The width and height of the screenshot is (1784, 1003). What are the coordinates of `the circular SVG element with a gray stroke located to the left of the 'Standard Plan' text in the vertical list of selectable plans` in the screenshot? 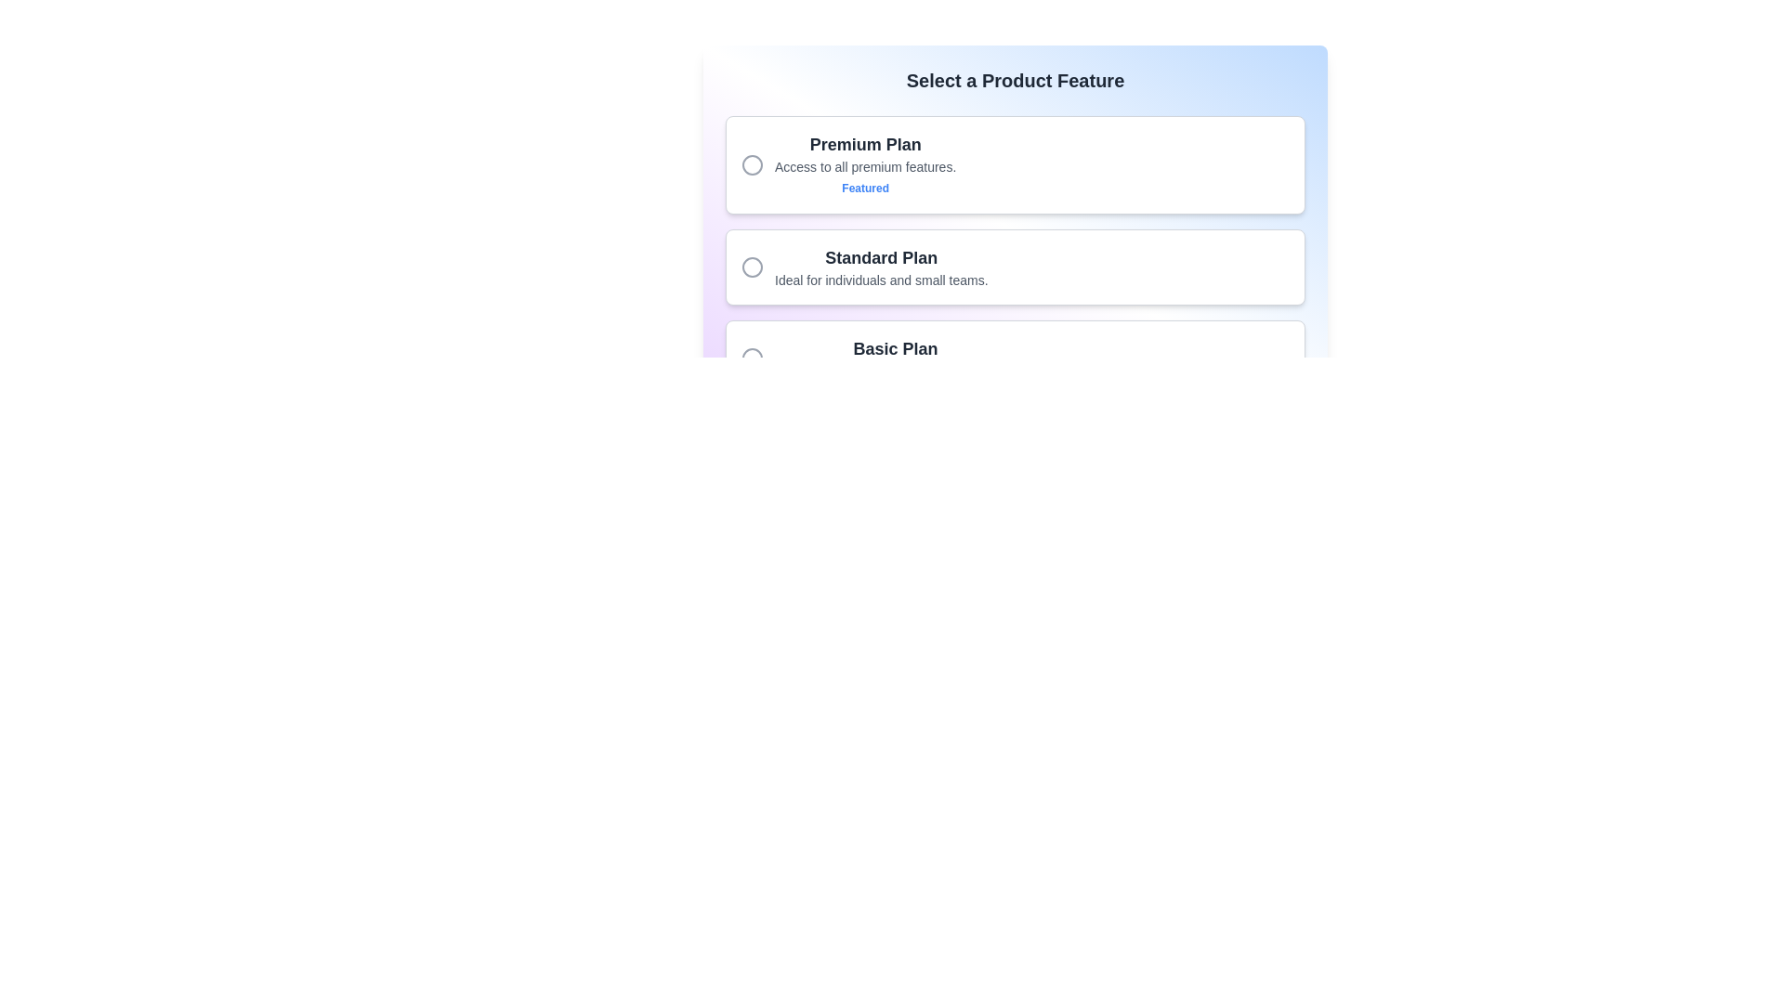 It's located at (753, 267).